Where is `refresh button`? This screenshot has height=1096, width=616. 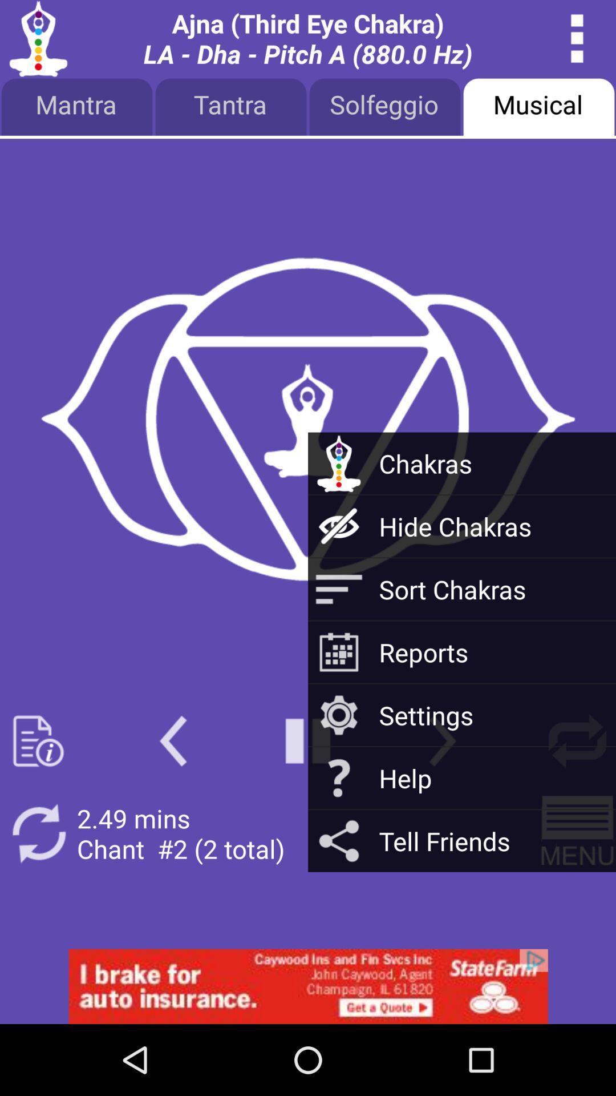 refresh button is located at coordinates (38, 833).